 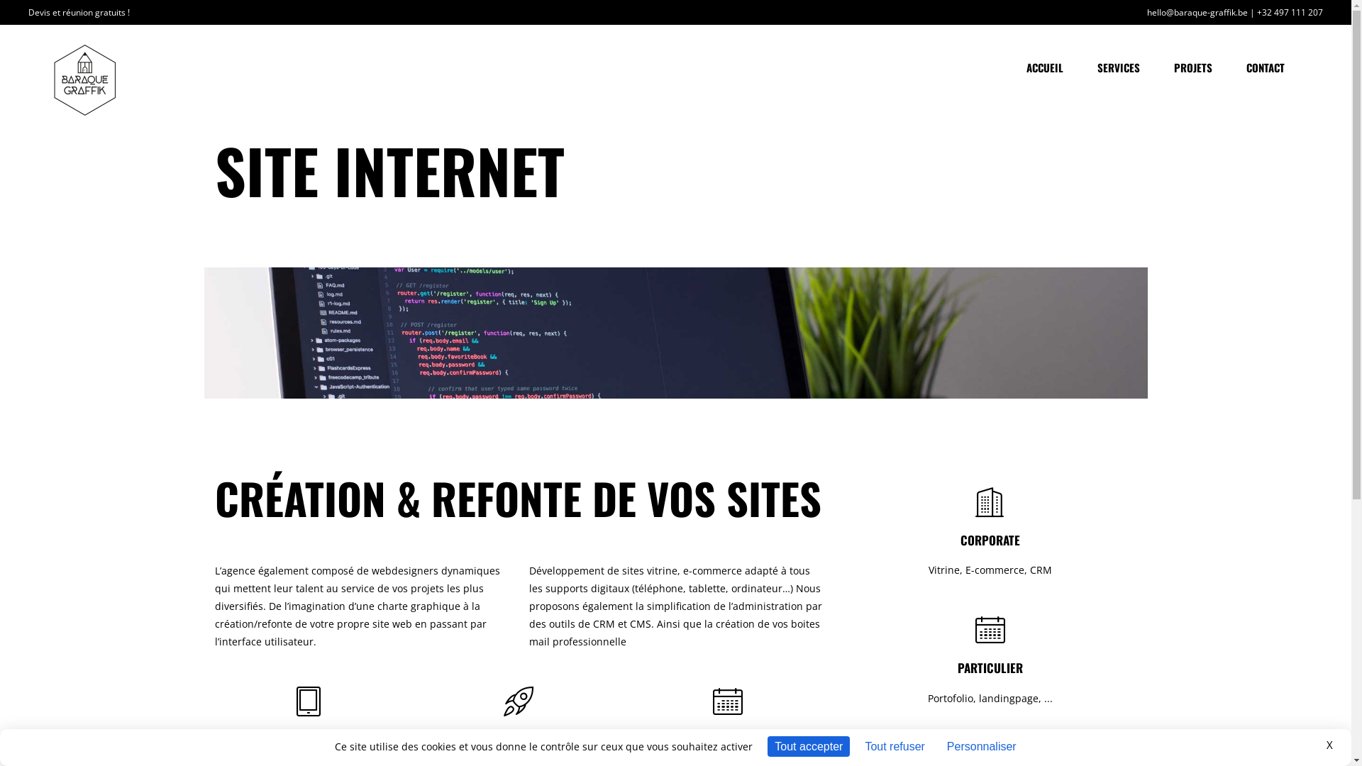 What do you see at coordinates (1256, 11) in the screenshot?
I see `'+32 497 111 207'` at bounding box center [1256, 11].